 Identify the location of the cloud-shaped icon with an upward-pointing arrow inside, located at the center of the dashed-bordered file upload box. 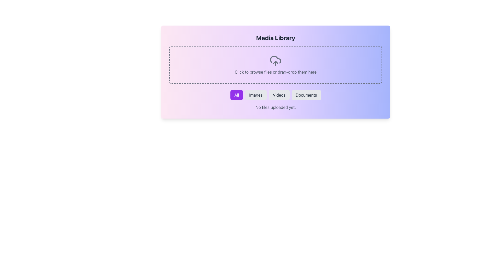
(275, 61).